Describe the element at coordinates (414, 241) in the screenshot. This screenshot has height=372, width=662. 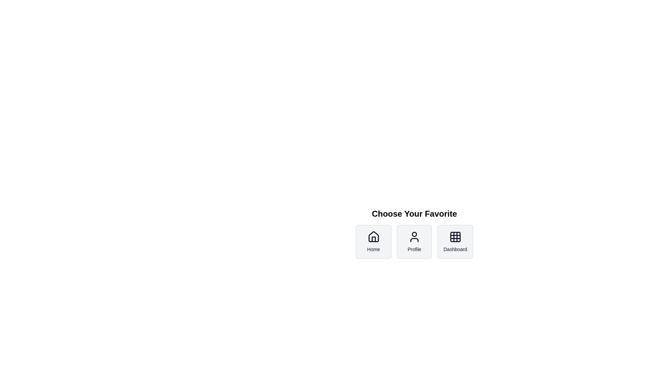
I see `the 'Profile' button, which is the second option in the row below 'Choose Your Favorite'` at that location.